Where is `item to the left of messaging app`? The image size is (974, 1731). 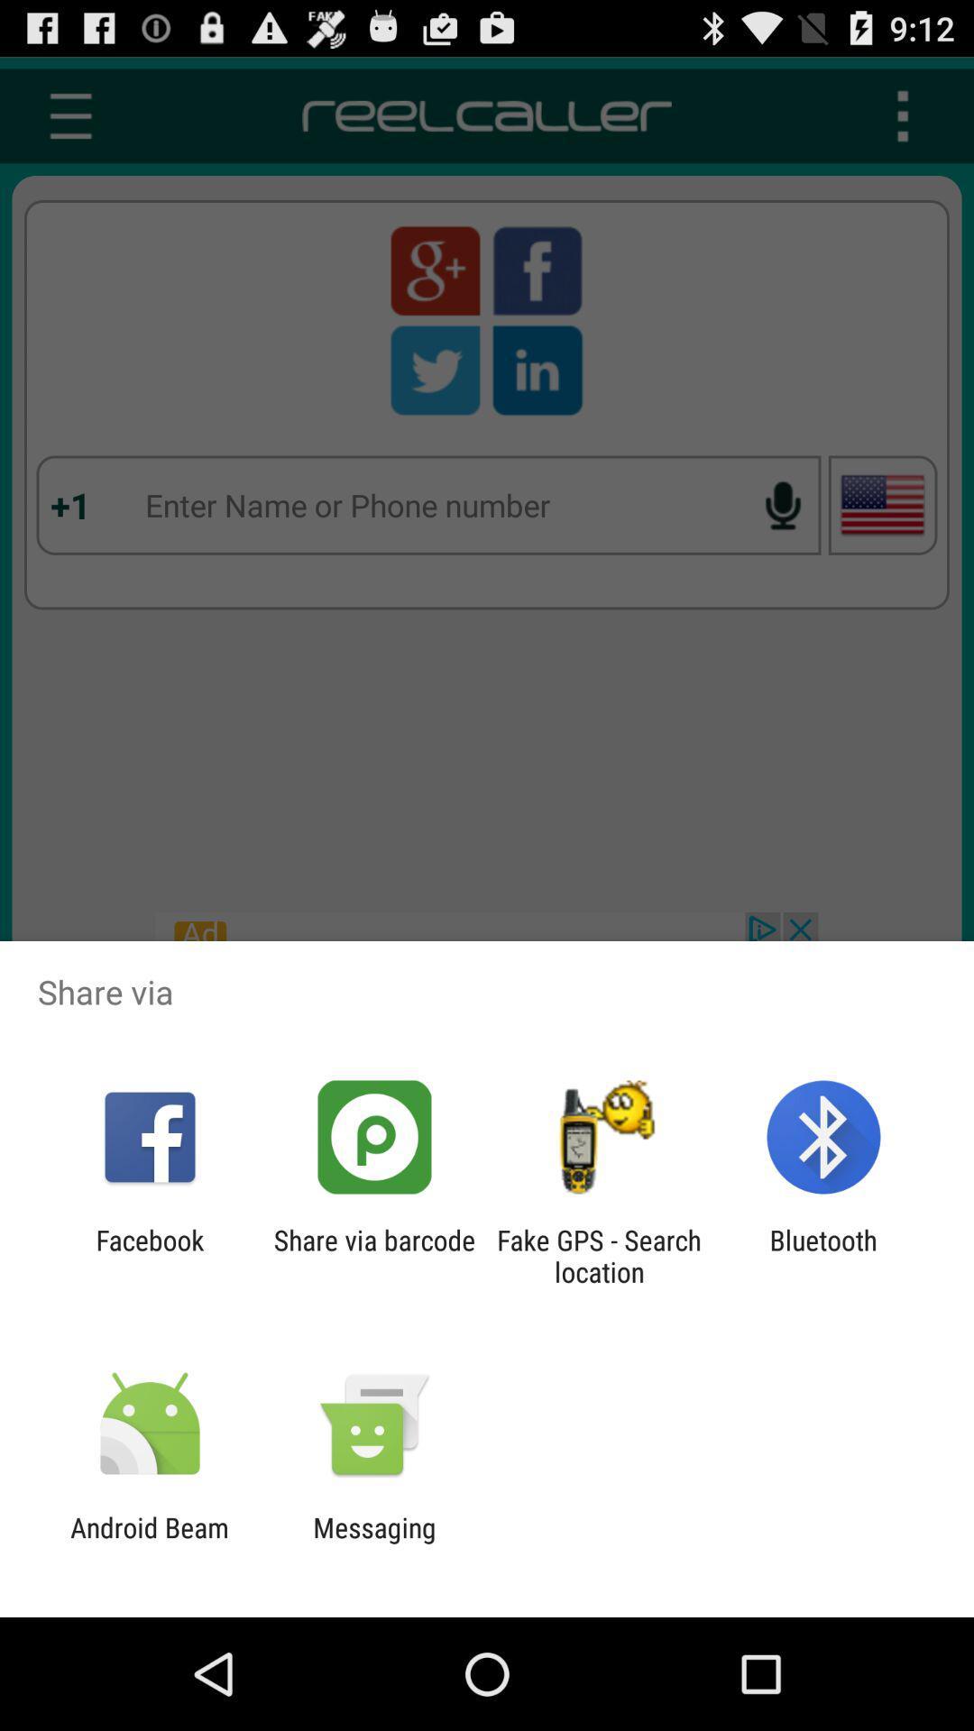
item to the left of messaging app is located at coordinates (149, 1543).